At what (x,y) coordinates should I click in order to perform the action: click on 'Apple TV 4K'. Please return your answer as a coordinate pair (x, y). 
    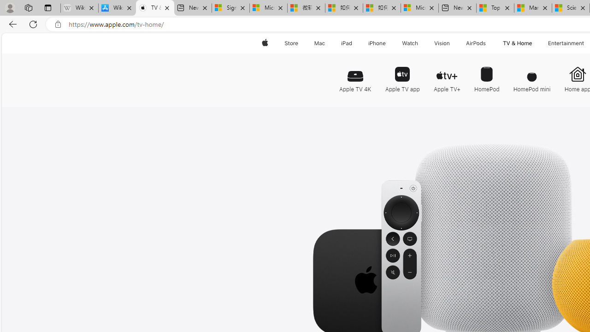
    Looking at the image, I should click on (357, 75).